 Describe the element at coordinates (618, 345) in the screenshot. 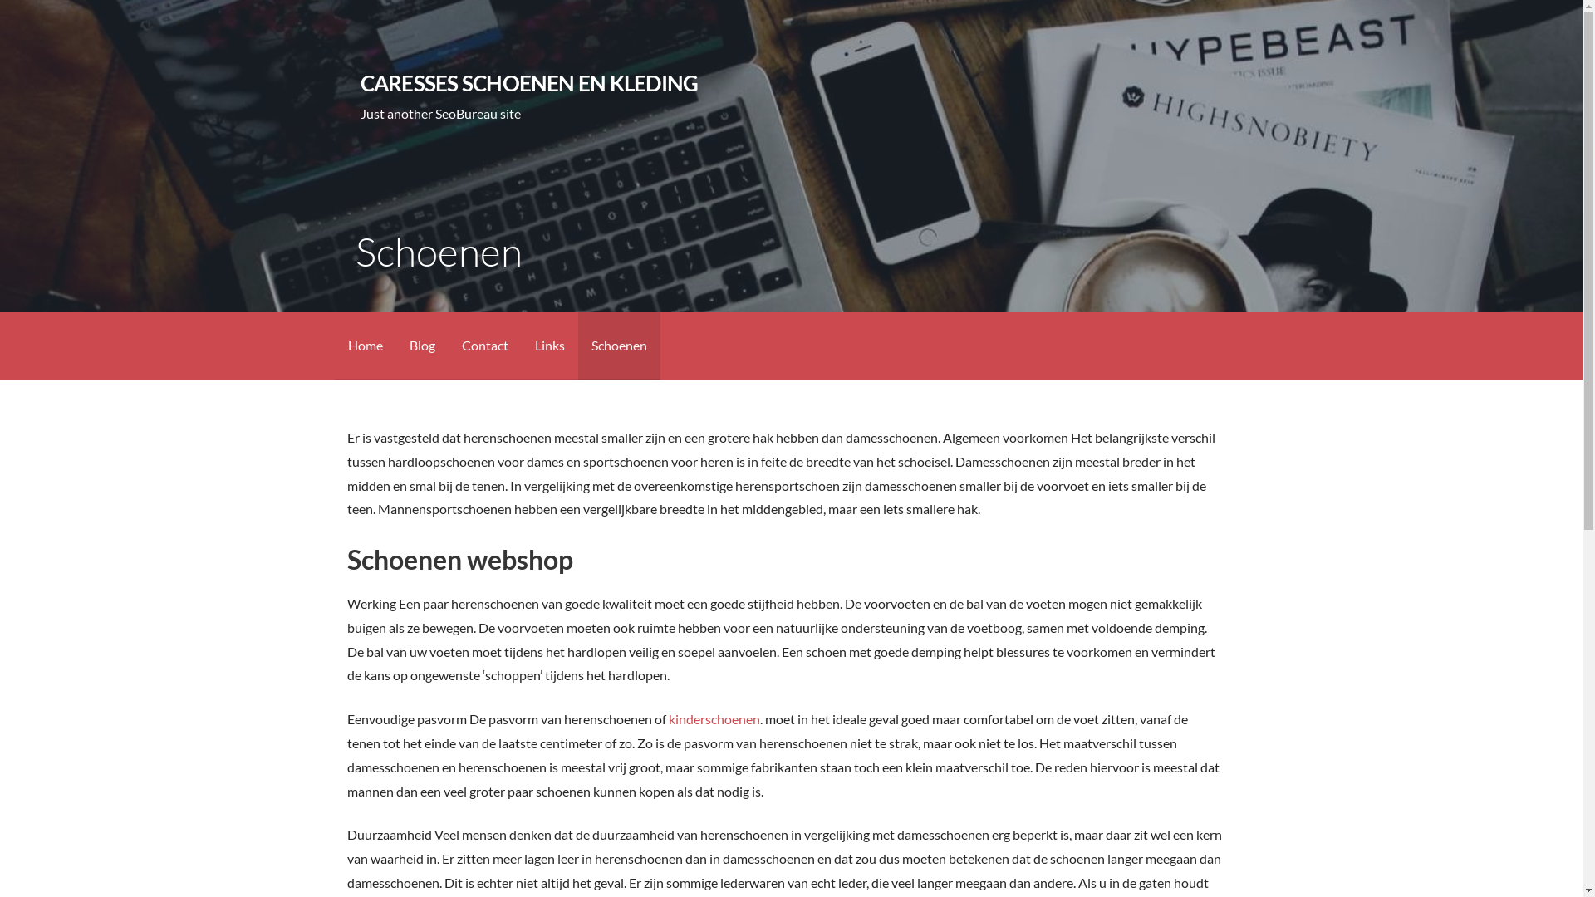

I see `'Schoenen'` at that location.